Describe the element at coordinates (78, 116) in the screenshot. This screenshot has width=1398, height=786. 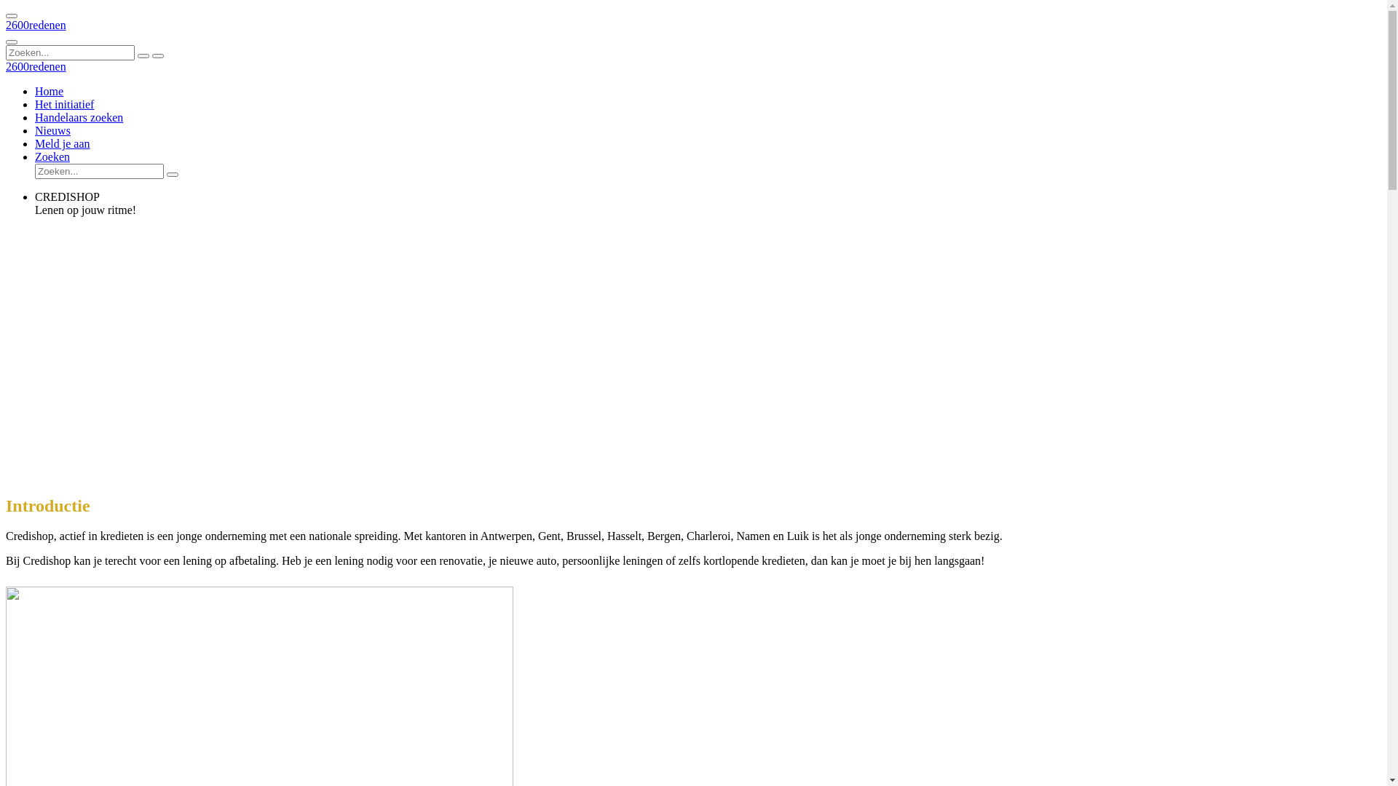
I see `'Handelaars zoeken'` at that location.